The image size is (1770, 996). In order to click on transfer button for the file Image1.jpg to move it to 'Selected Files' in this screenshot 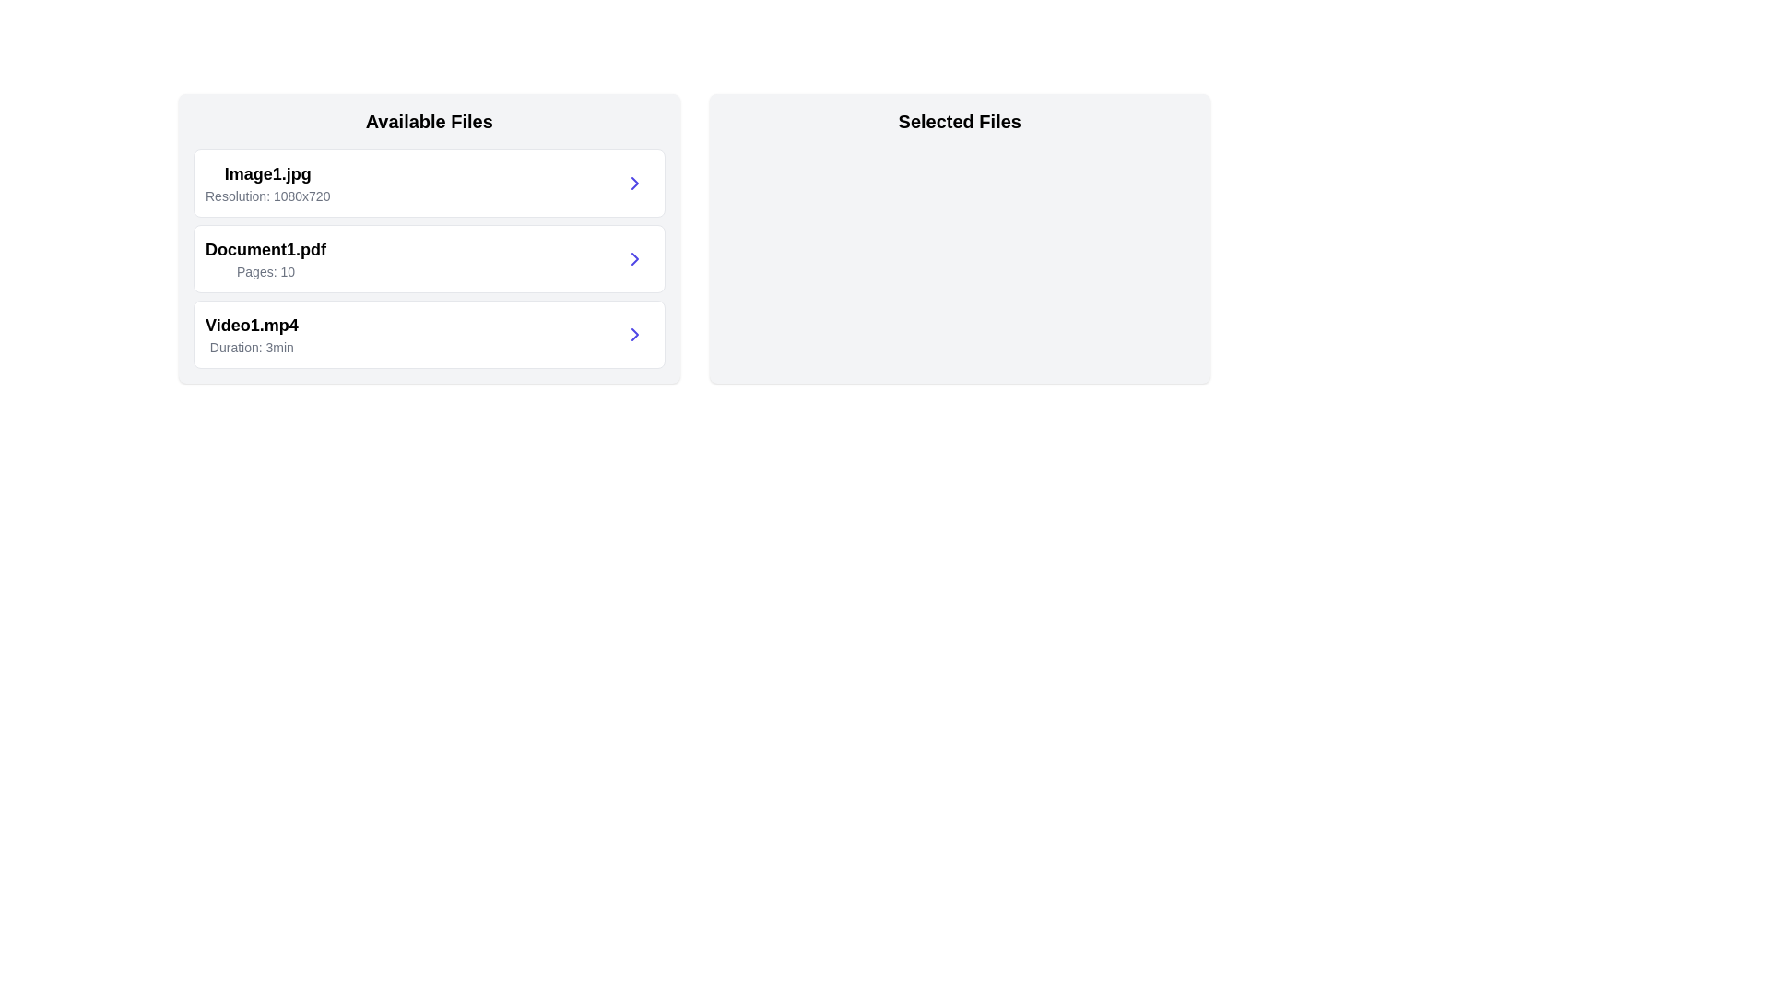, I will do `click(634, 184)`.